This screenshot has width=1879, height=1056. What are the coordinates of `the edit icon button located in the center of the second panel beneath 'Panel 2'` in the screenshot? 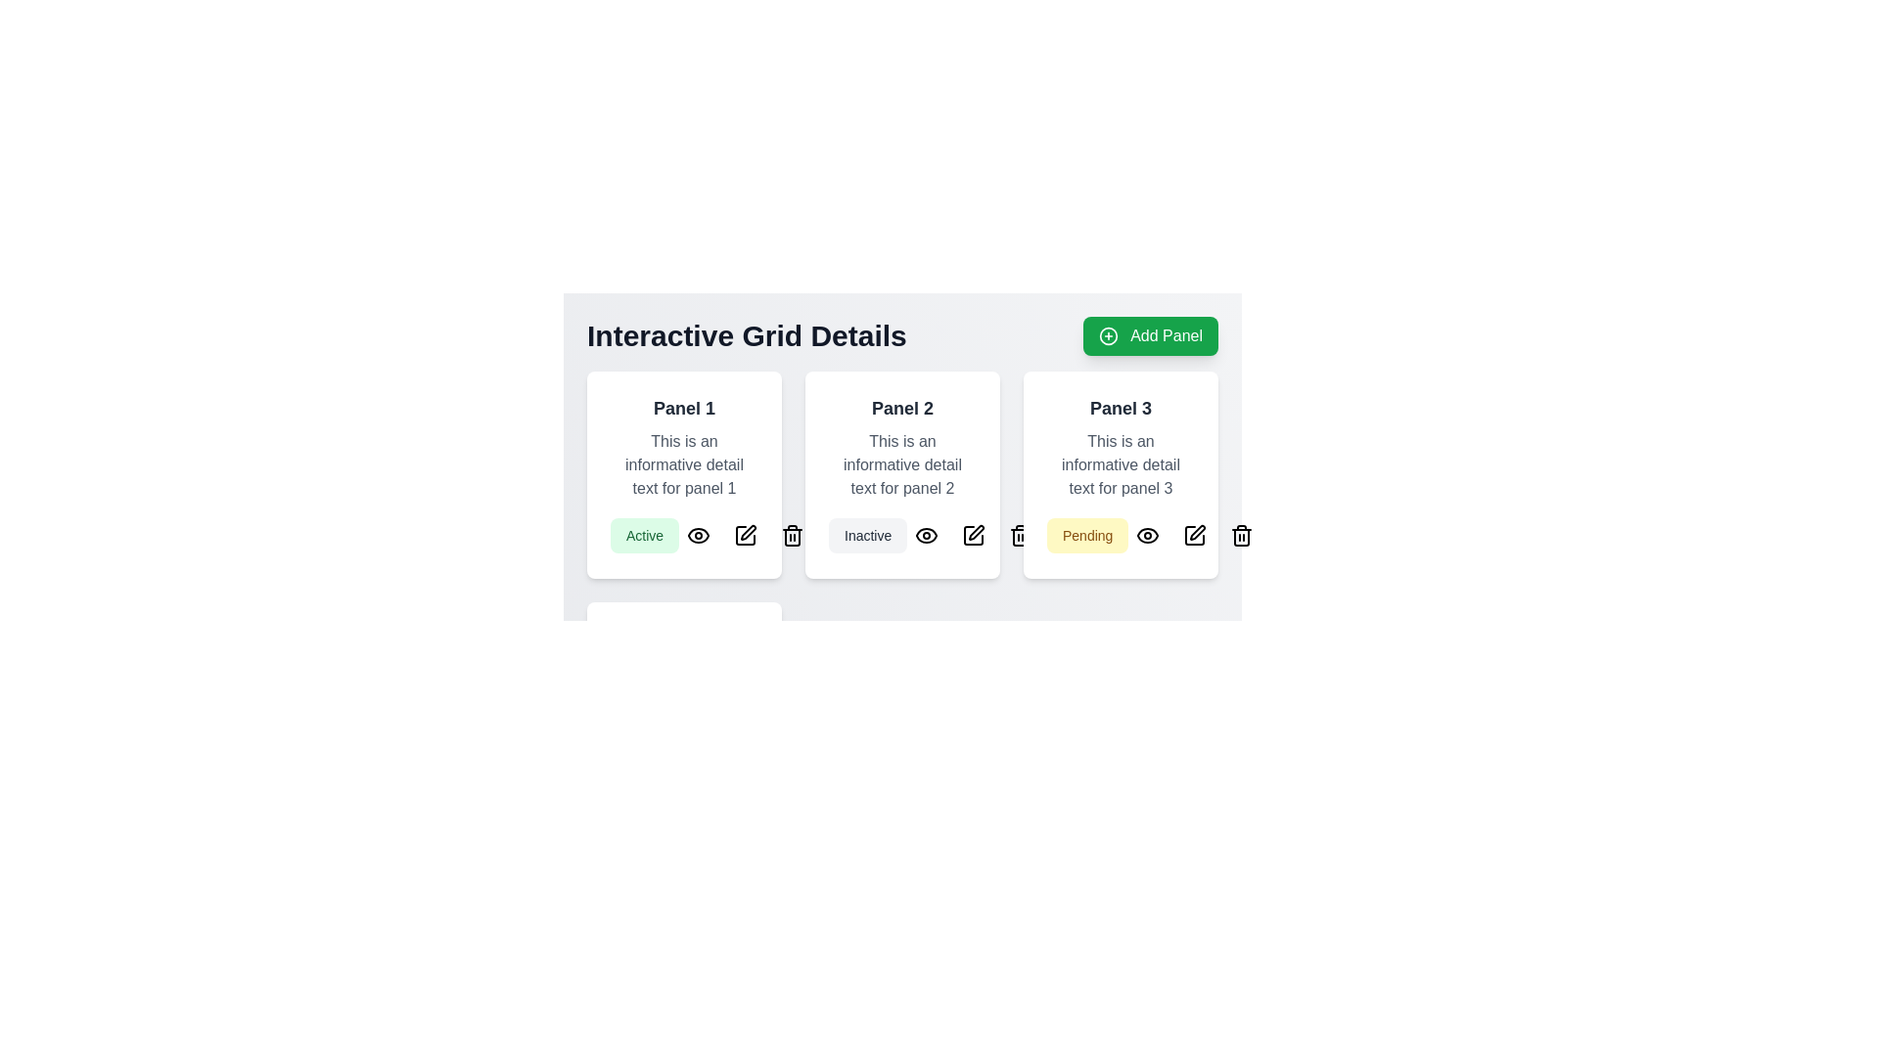 It's located at (974, 535).